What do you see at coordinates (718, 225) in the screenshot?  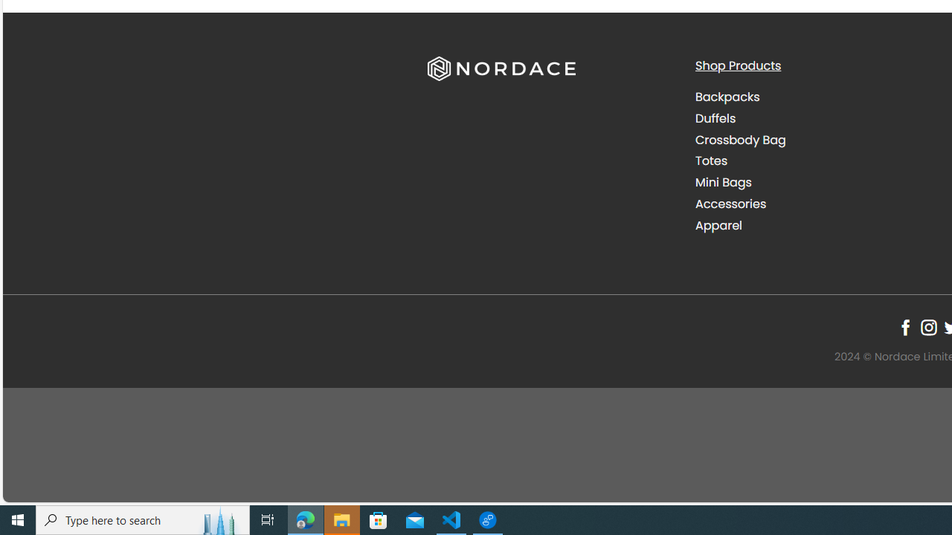 I see `'Apparel'` at bounding box center [718, 225].